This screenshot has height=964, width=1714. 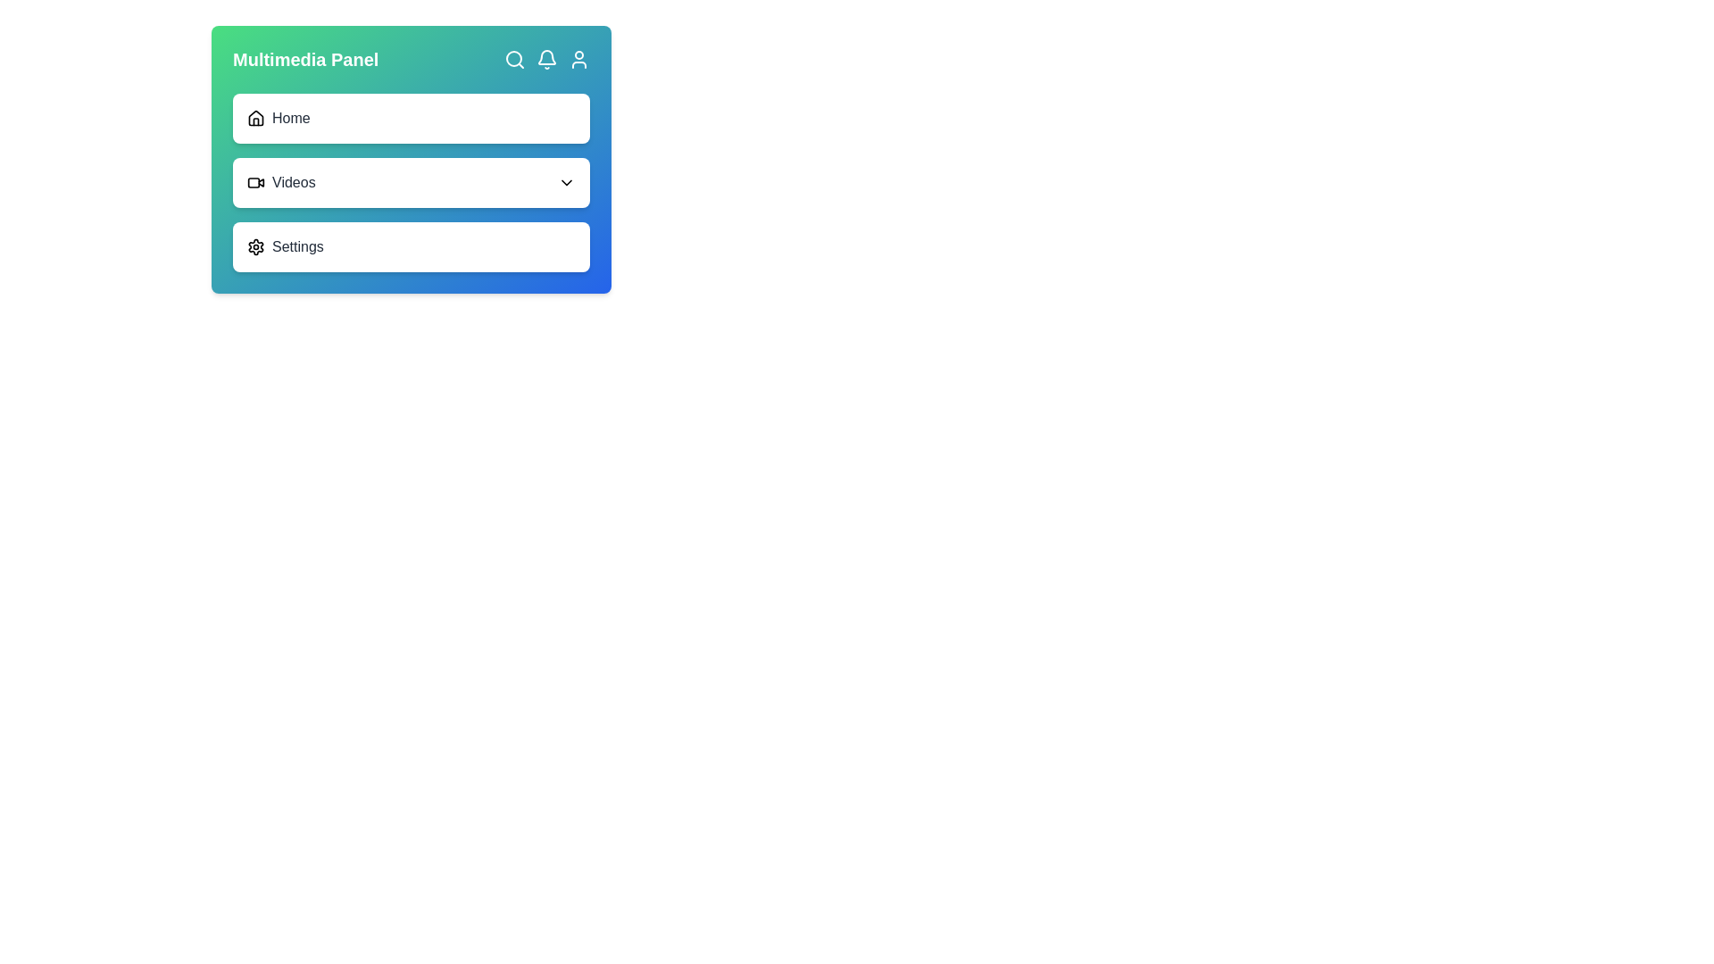 What do you see at coordinates (297, 247) in the screenshot?
I see `the Text label located at the bottom left of the Multimedia Panel to navigate to the settings or configuration page` at bounding box center [297, 247].